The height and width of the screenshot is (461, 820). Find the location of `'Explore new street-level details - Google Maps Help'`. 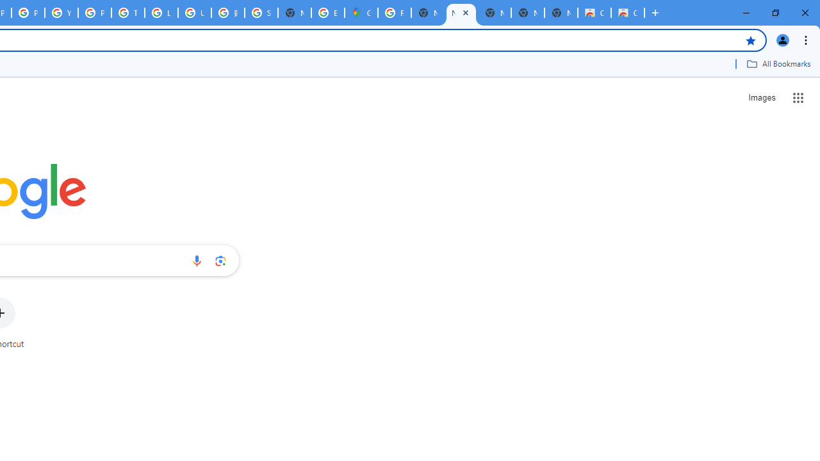

'Explore new street-level details - Google Maps Help' is located at coordinates (328, 13).